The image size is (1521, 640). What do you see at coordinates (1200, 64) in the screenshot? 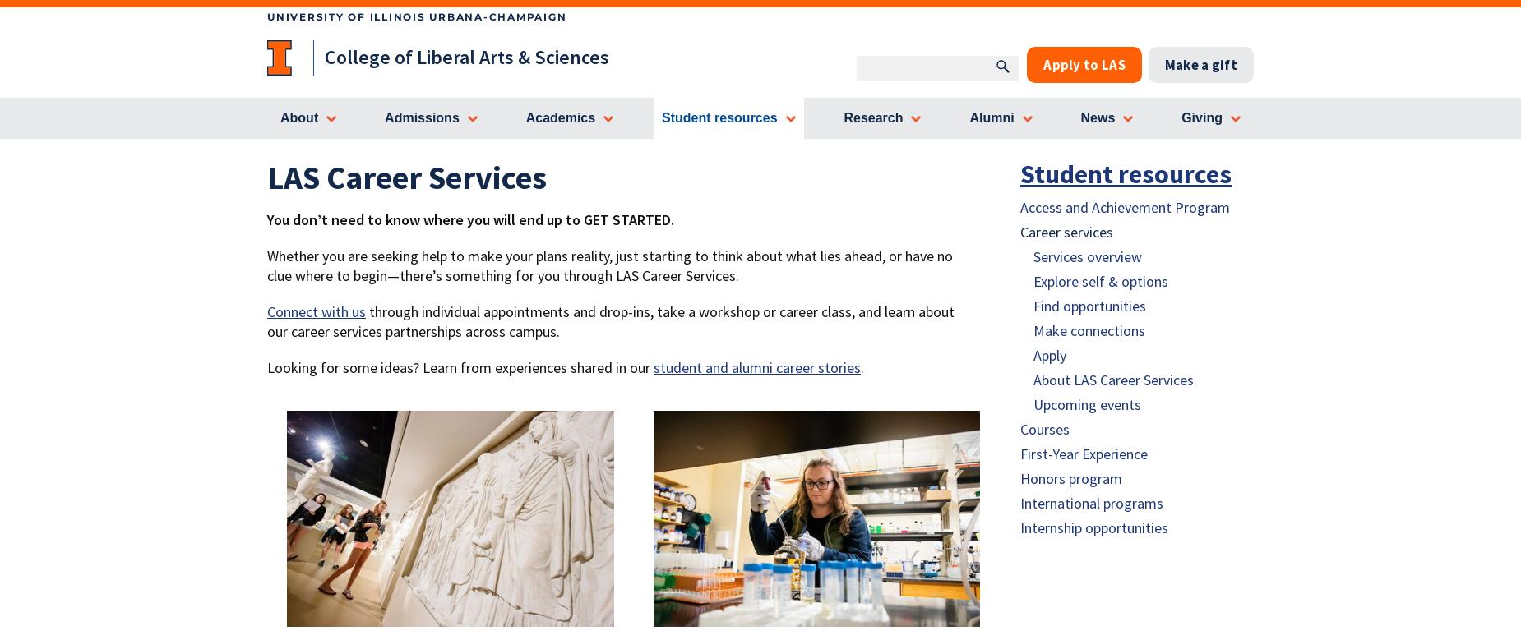
I see `'Make a gift'` at bounding box center [1200, 64].